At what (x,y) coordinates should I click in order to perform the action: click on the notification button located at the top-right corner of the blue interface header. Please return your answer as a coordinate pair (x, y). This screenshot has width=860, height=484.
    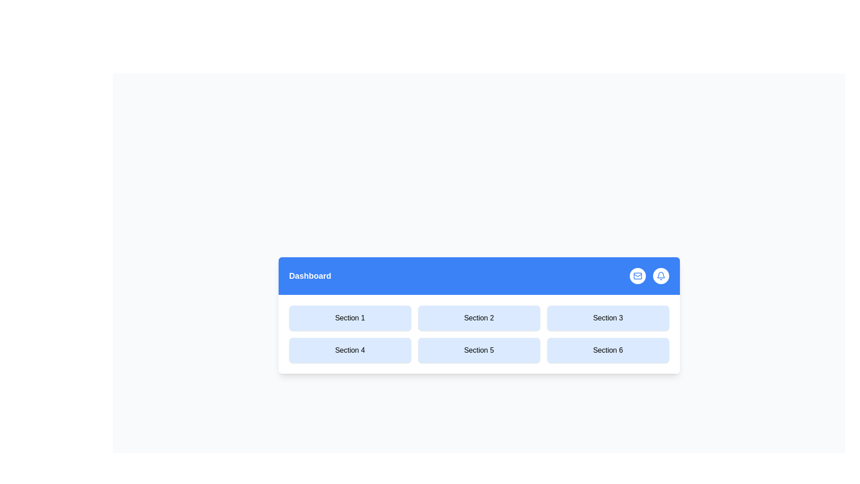
    Looking at the image, I should click on (661, 276).